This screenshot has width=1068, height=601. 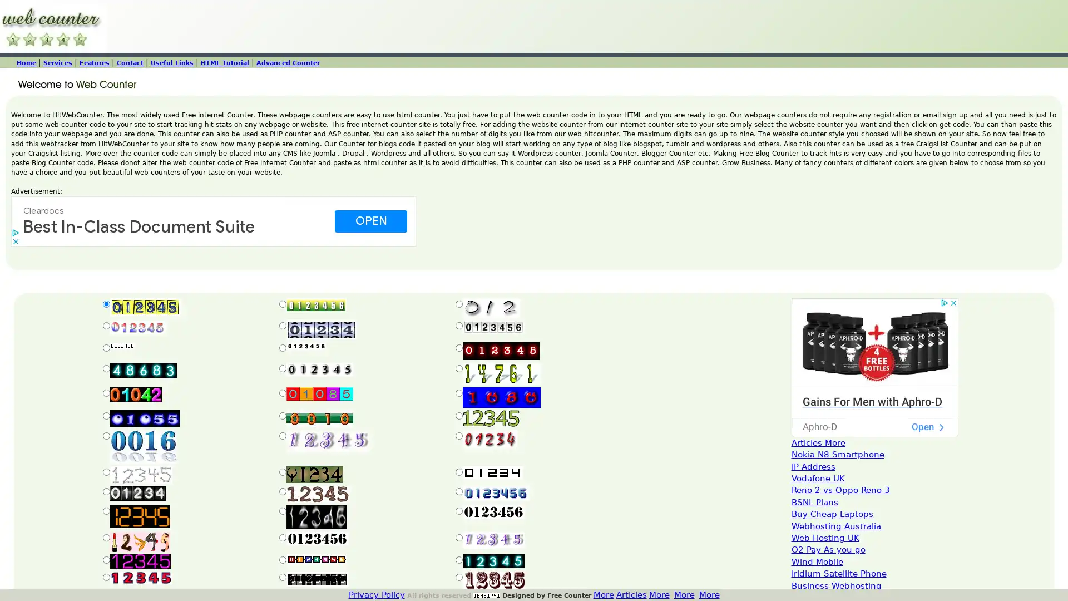 I want to click on Submit, so click(x=500, y=351).